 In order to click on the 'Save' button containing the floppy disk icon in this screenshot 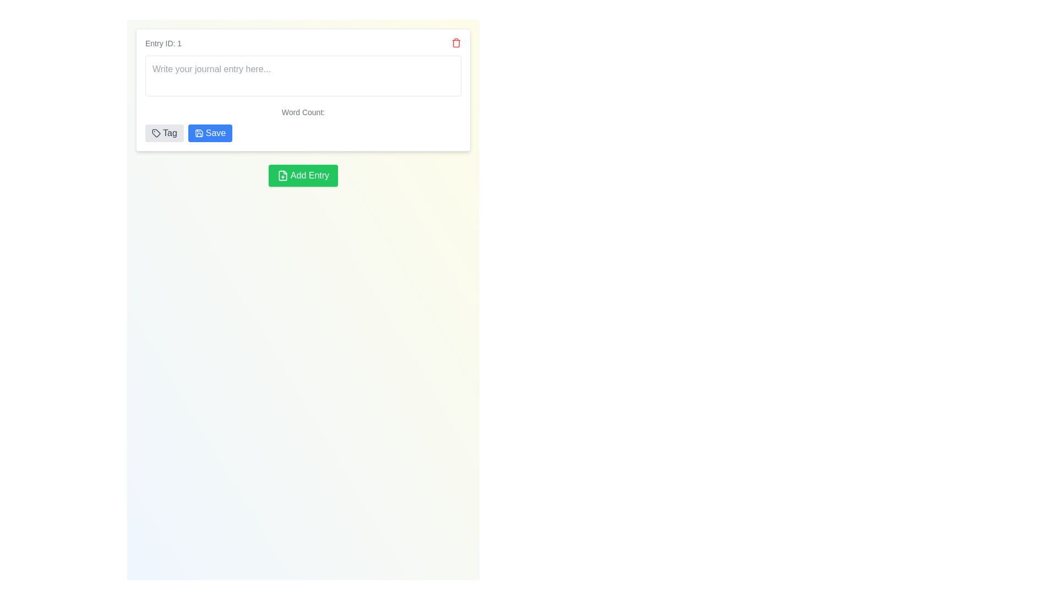, I will do `click(199, 133)`.